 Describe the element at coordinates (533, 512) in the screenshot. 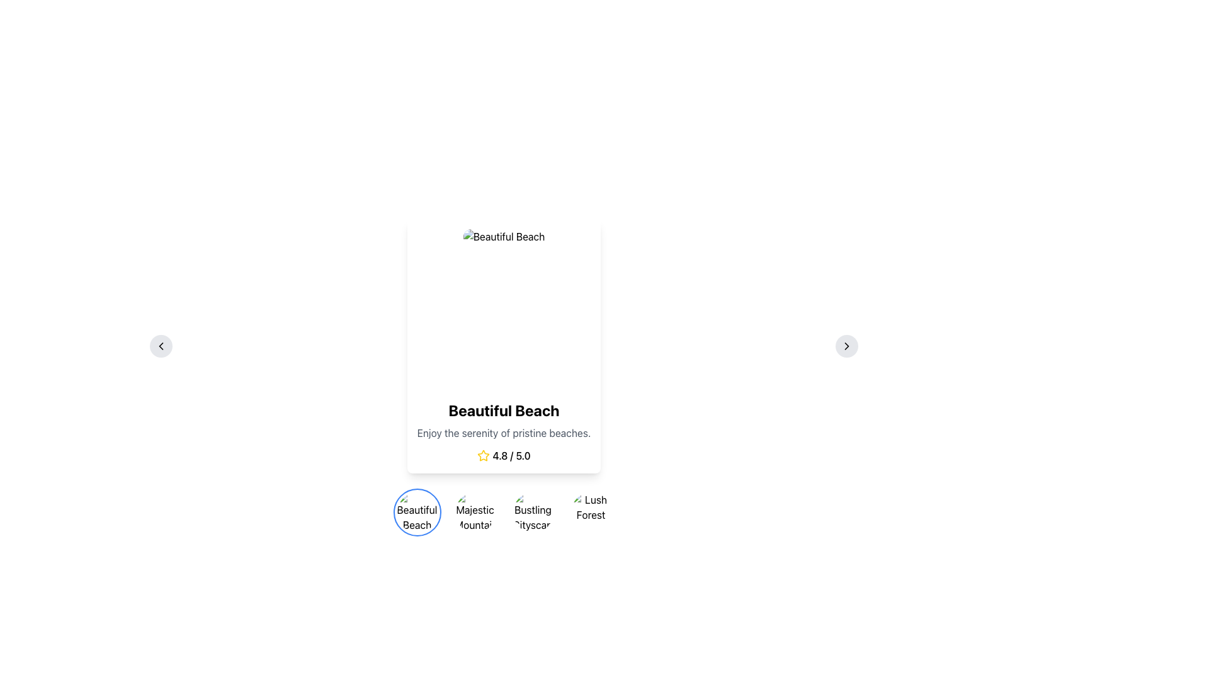

I see `the circular thumbnail image of the bustling cityscape located in the horizontal row of thumbnails beneath the main content card` at that location.